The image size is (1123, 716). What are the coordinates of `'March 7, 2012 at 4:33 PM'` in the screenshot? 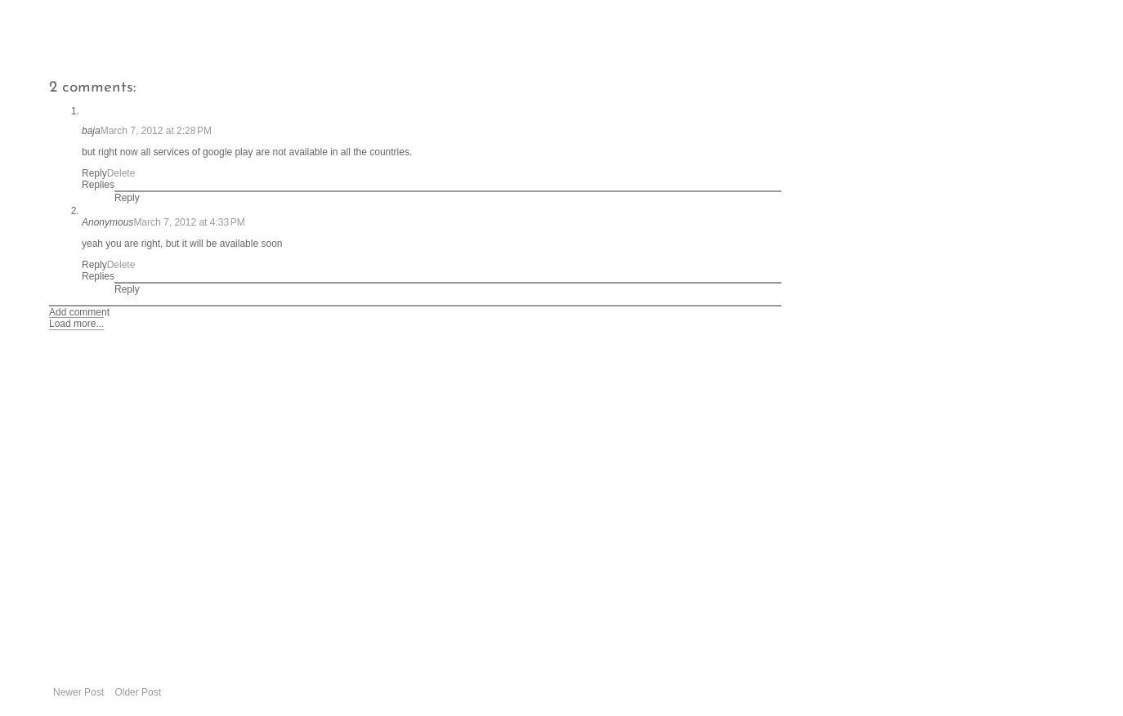 It's located at (187, 221).